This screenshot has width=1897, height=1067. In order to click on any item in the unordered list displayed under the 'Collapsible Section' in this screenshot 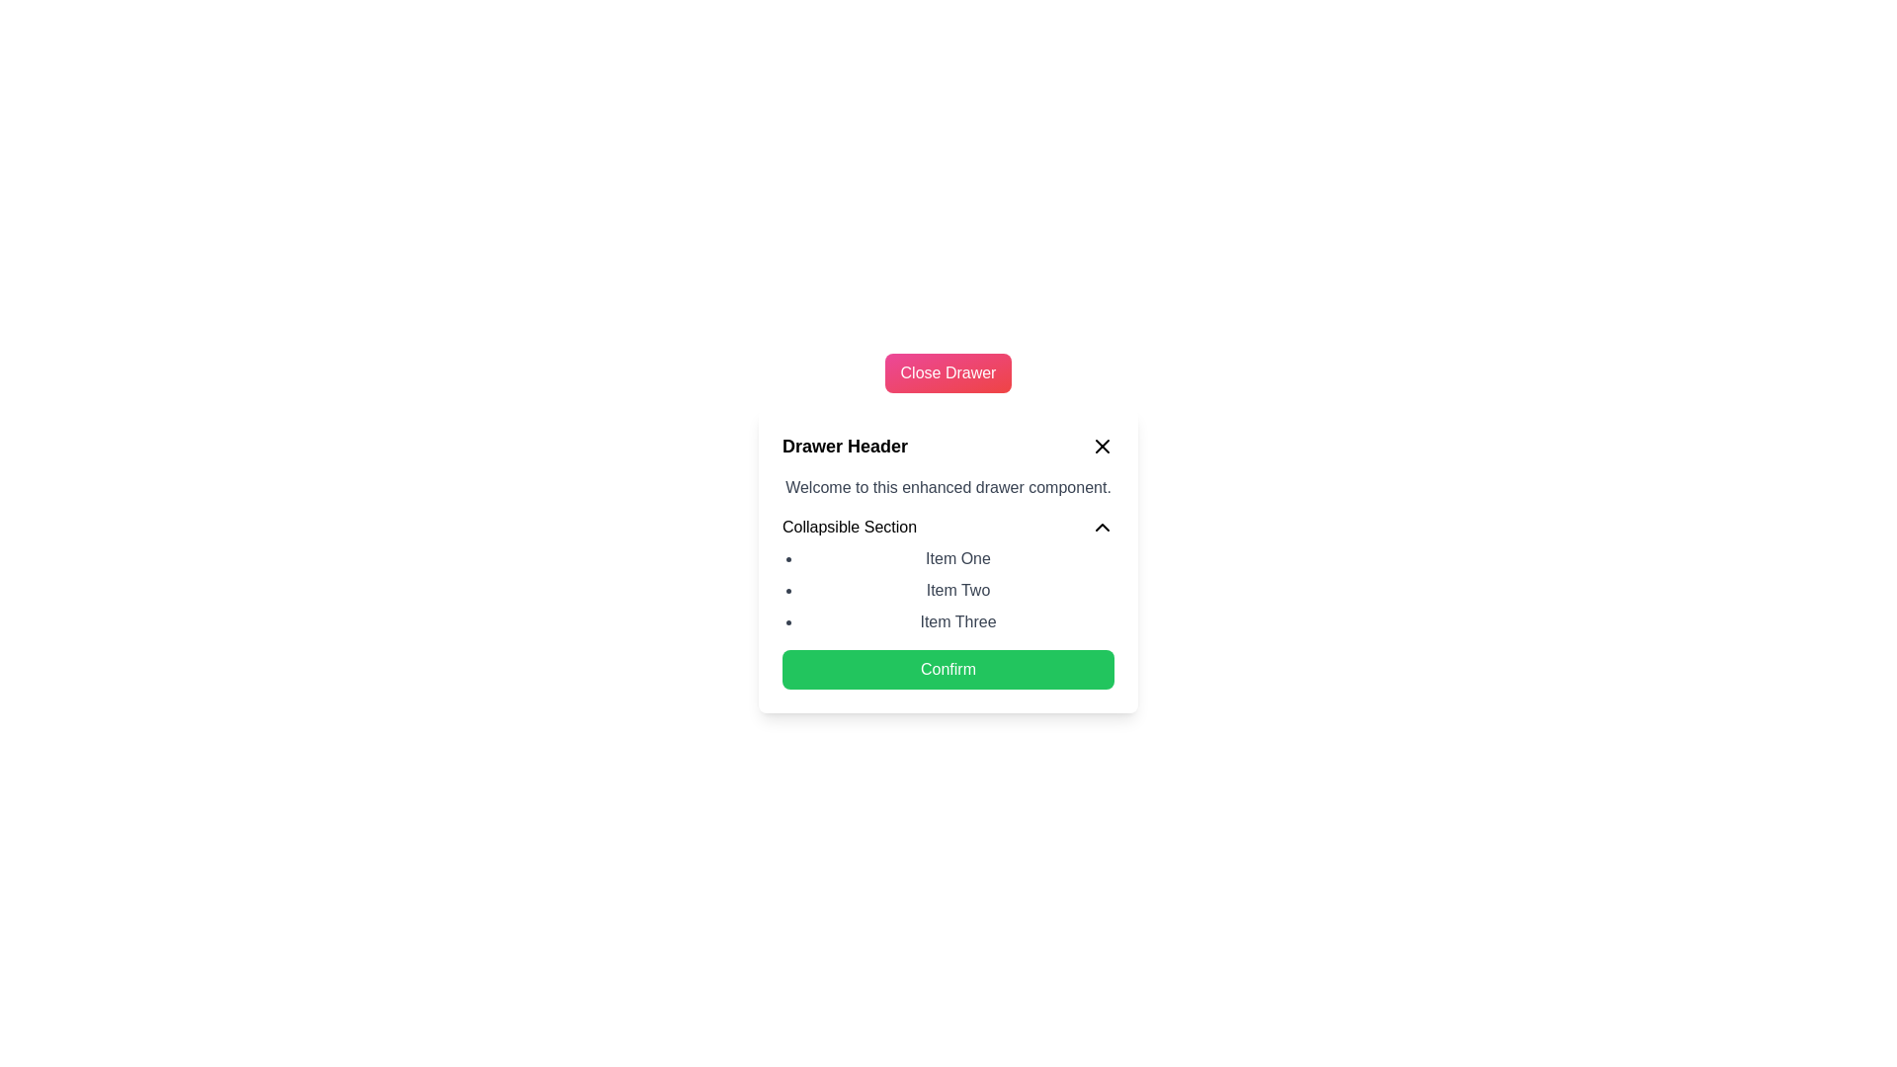, I will do `click(948, 589)`.